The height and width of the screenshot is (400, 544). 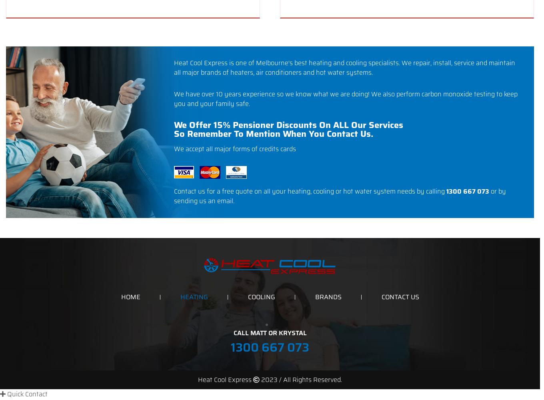 I want to click on 'Contact Us', so click(x=400, y=296).